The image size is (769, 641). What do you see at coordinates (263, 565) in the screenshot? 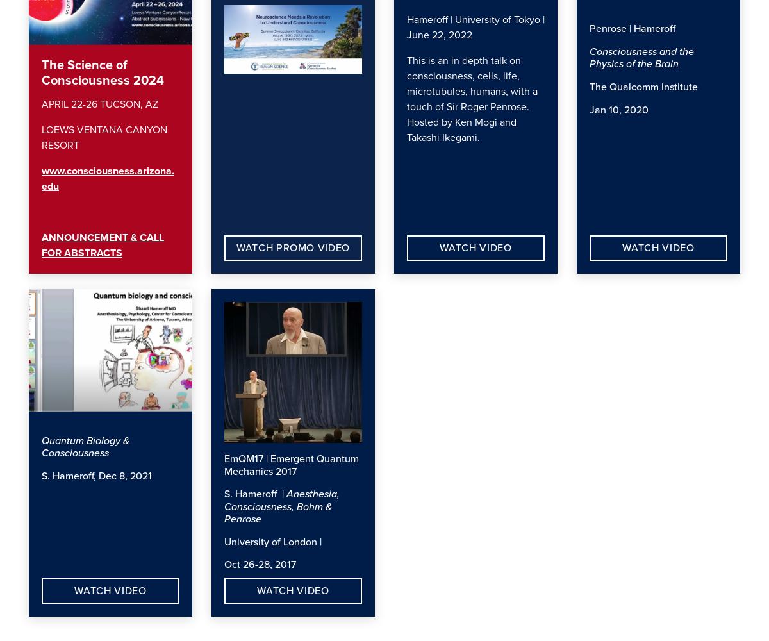
I see `'Oct 26-28, 2017'` at bounding box center [263, 565].